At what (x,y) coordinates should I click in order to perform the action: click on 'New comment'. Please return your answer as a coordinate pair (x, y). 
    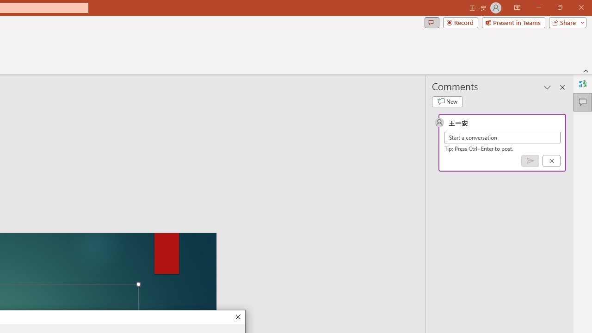
    Looking at the image, I should click on (447, 101).